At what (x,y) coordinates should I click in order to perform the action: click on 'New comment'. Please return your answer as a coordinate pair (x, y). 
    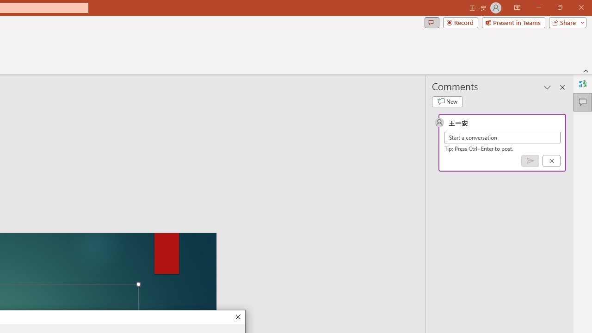
    Looking at the image, I should click on (447, 101).